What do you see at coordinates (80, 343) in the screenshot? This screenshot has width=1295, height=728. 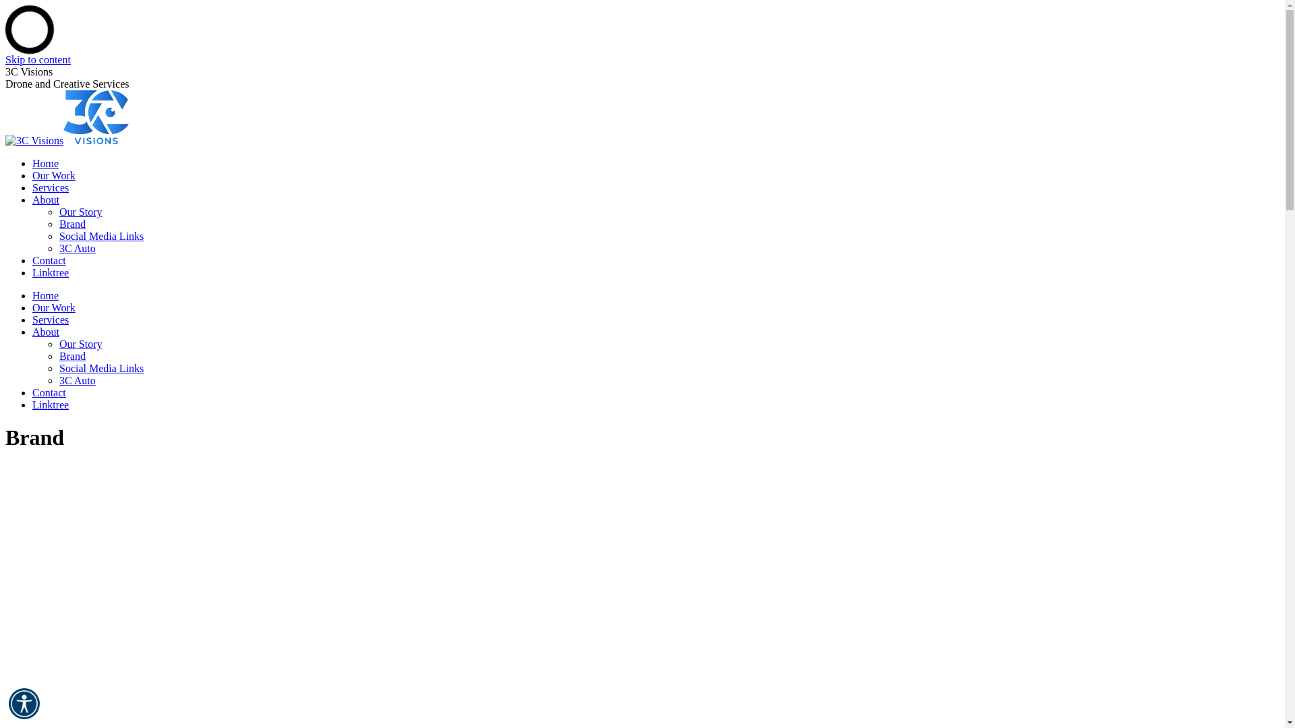 I see `'Our Story'` at bounding box center [80, 343].